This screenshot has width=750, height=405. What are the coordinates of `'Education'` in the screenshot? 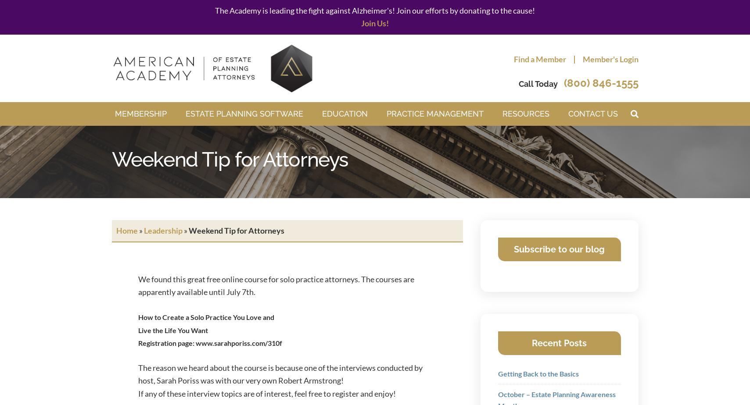 It's located at (344, 114).